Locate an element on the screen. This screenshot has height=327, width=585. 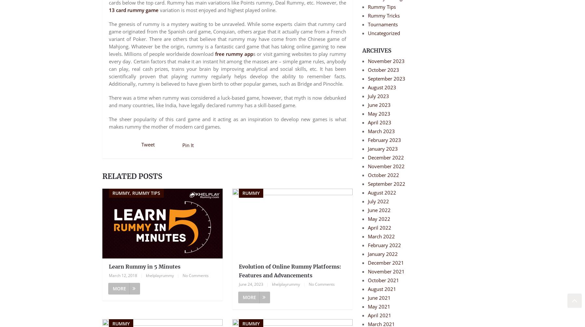
'13 card rummy game' is located at coordinates (134, 10).